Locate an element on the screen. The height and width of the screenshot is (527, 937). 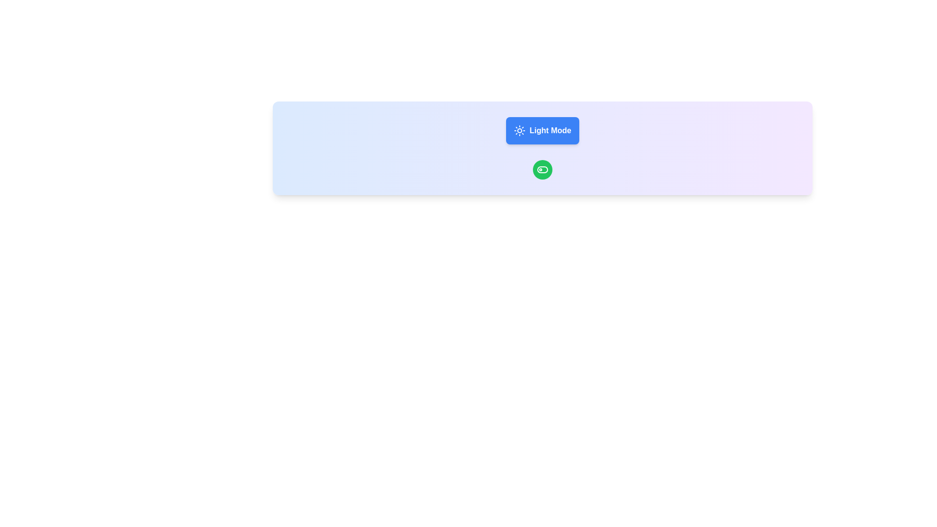
the sun-shaped icon representing the light mode feature, which is located within the 'Light Mode' button at the upper central region of the interface is located at coordinates (519, 130).